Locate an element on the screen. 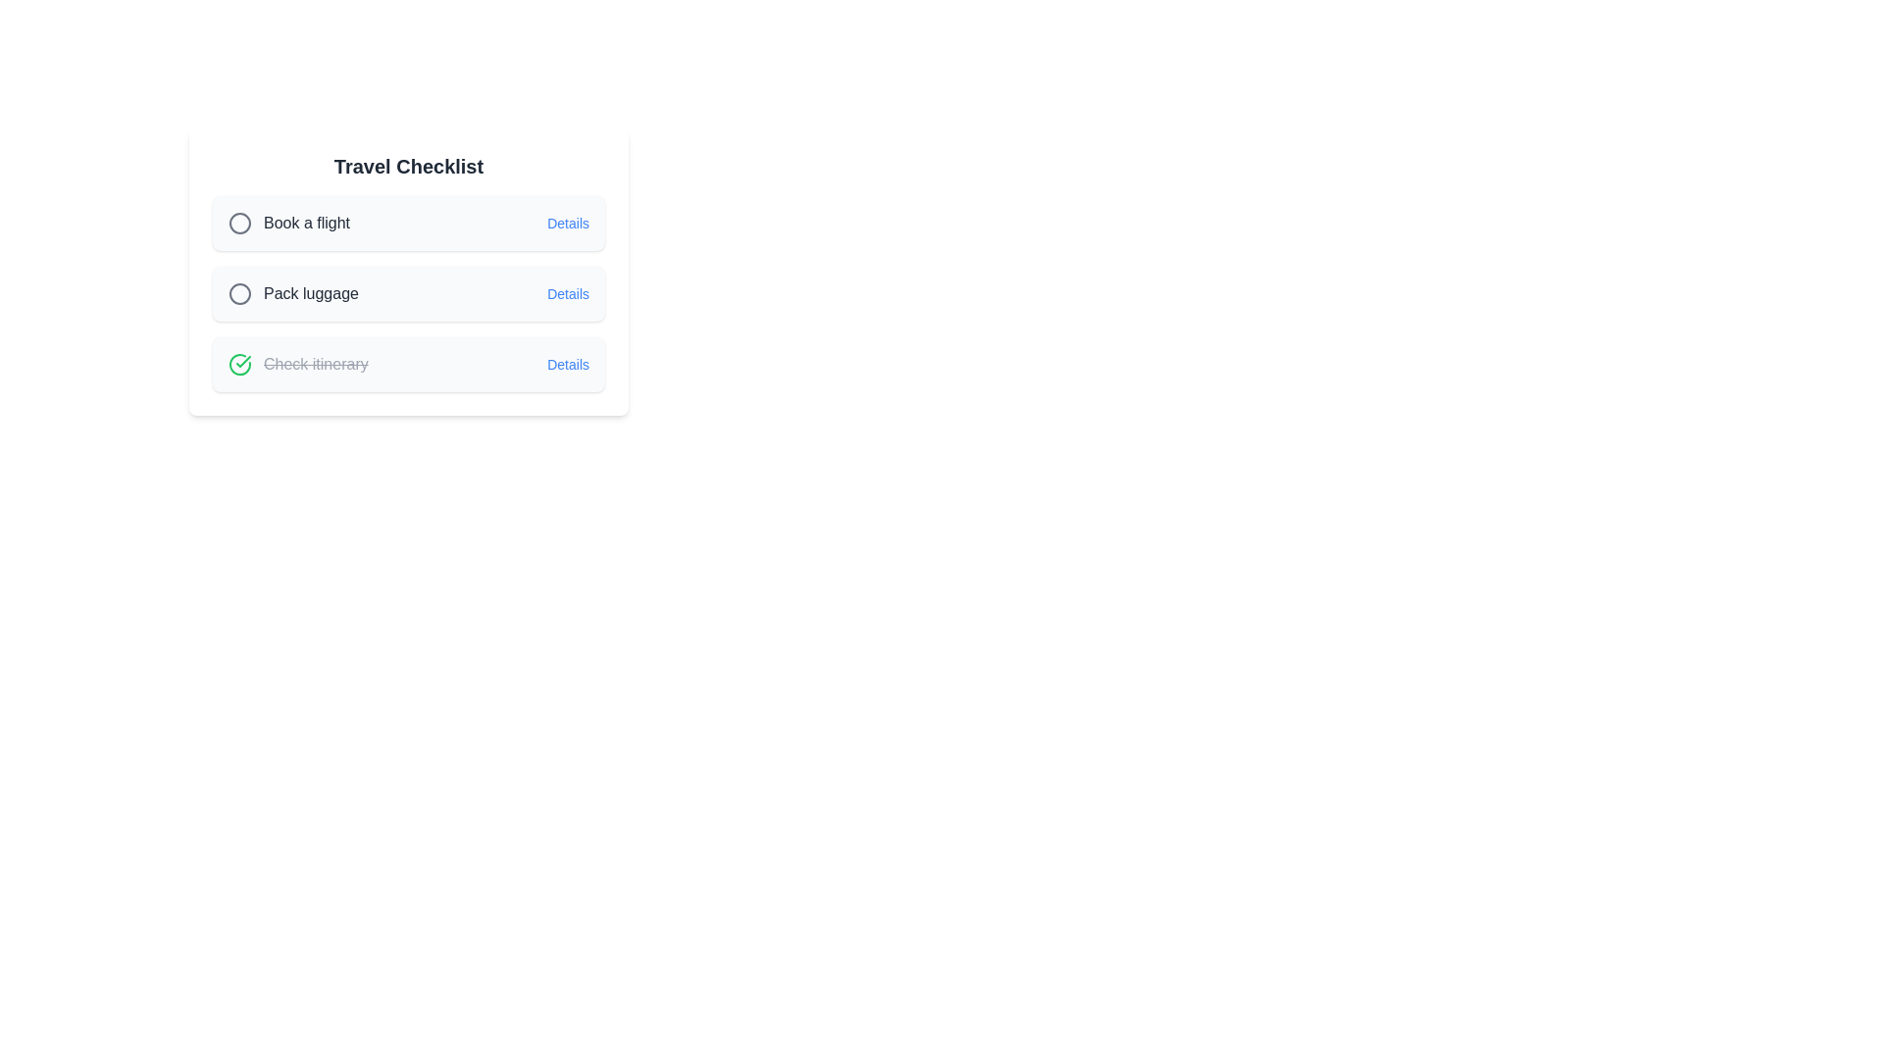  the second checklist item labeled 'Pack luggage' in the travel checklist interface is located at coordinates (408, 294).